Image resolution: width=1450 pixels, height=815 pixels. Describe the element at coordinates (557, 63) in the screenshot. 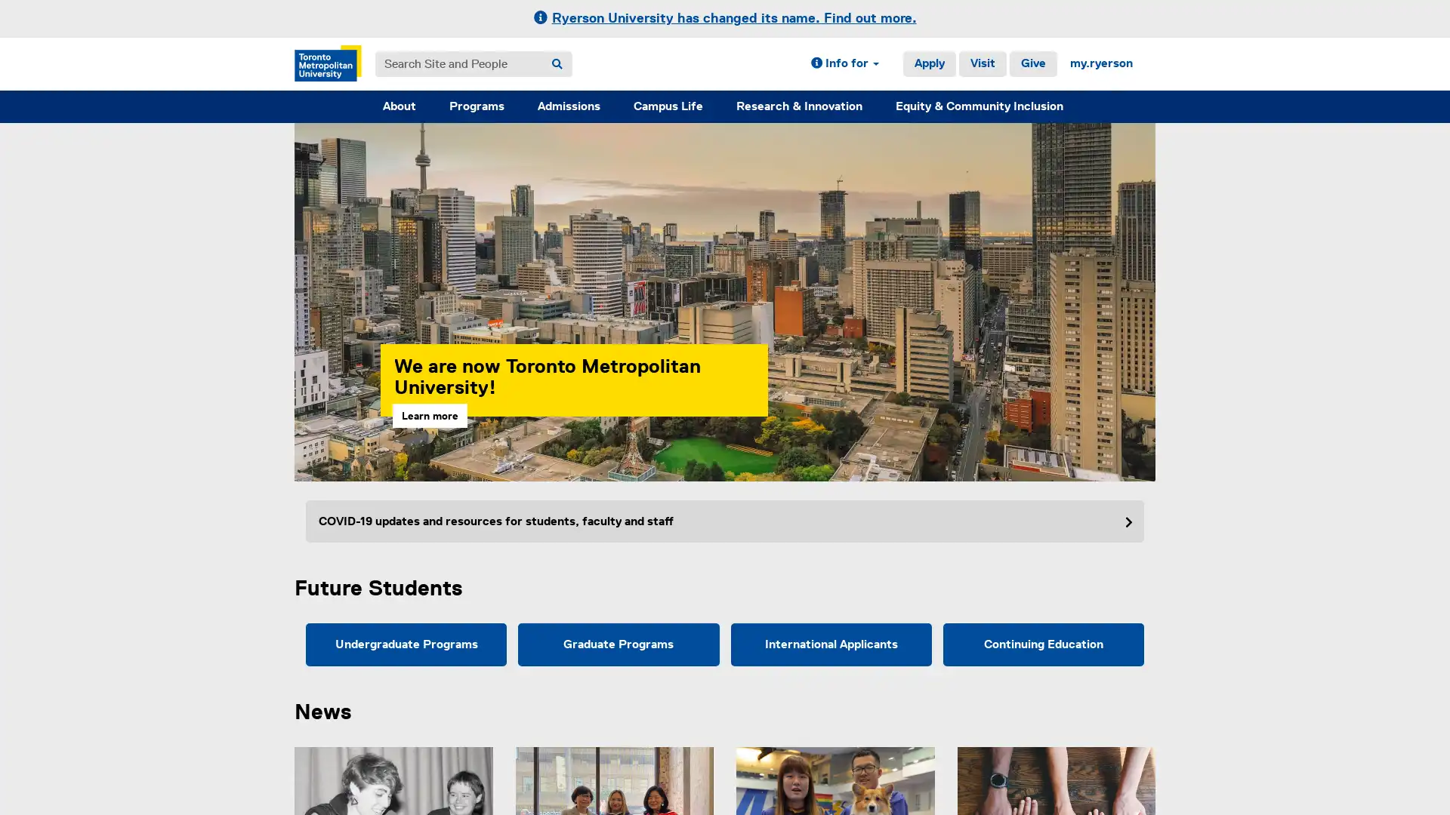

I see `Search` at that location.